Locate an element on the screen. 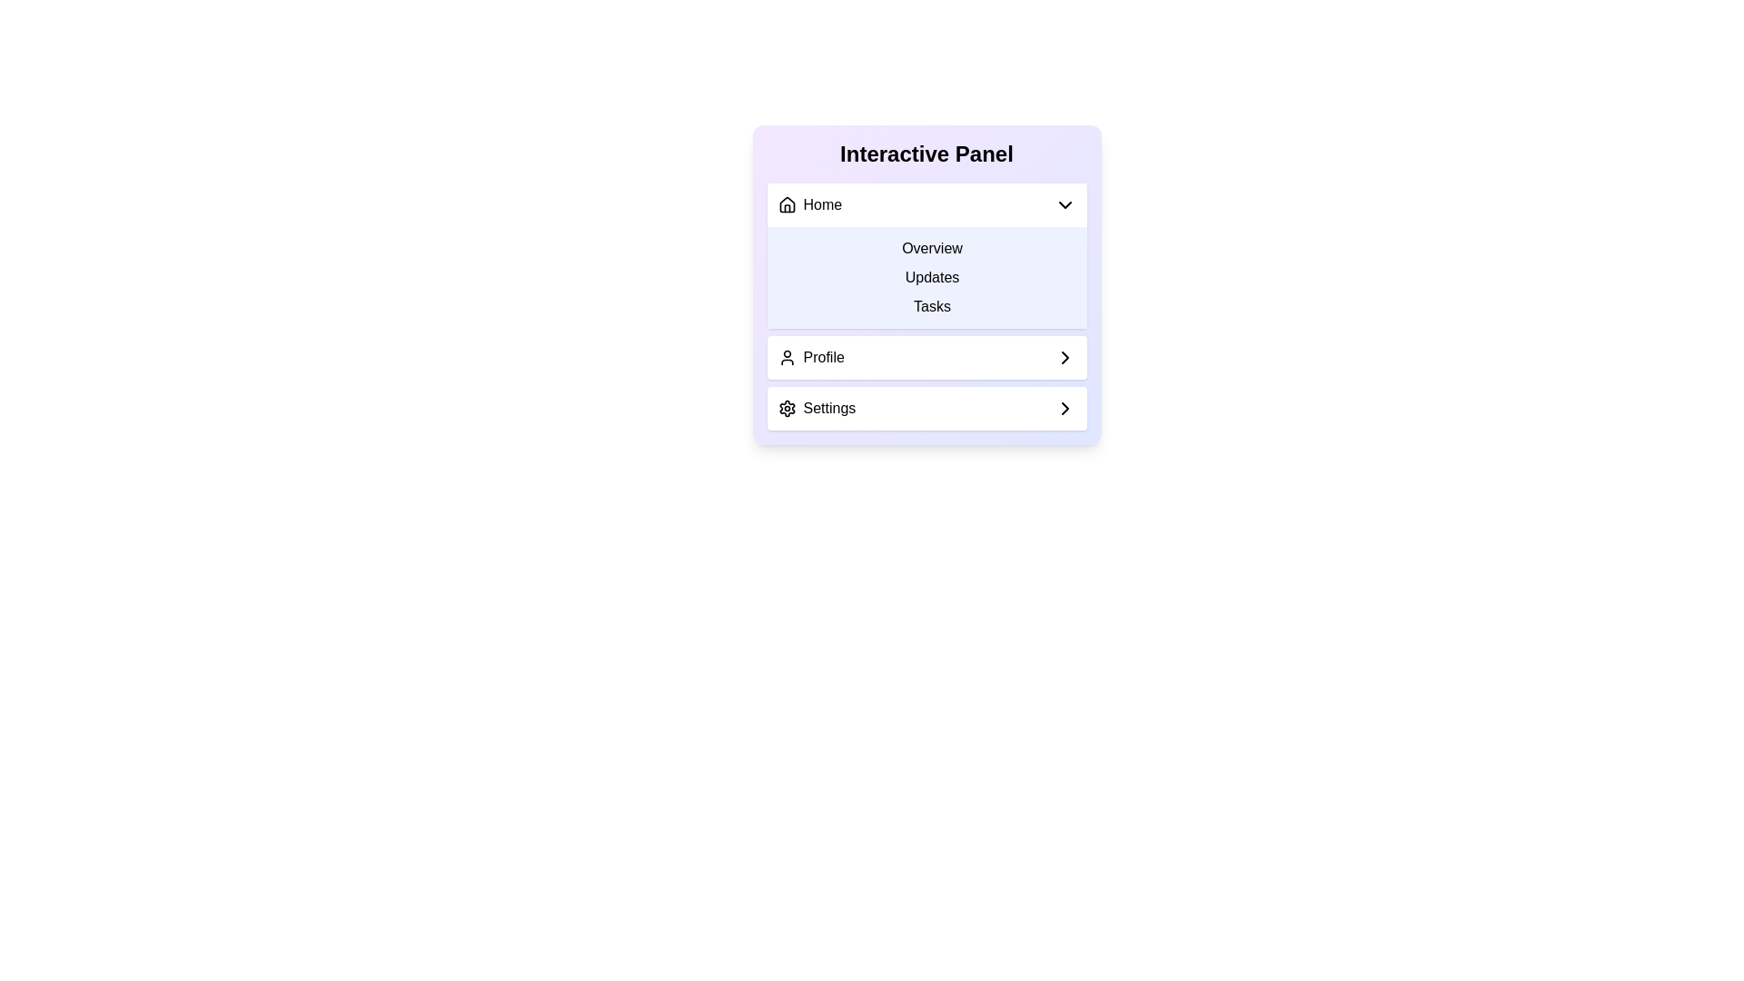 The height and width of the screenshot is (981, 1744). the red house-shaped icon located in the header section, adjacent to the 'Home' text, as a visual cue is located at coordinates (787, 204).